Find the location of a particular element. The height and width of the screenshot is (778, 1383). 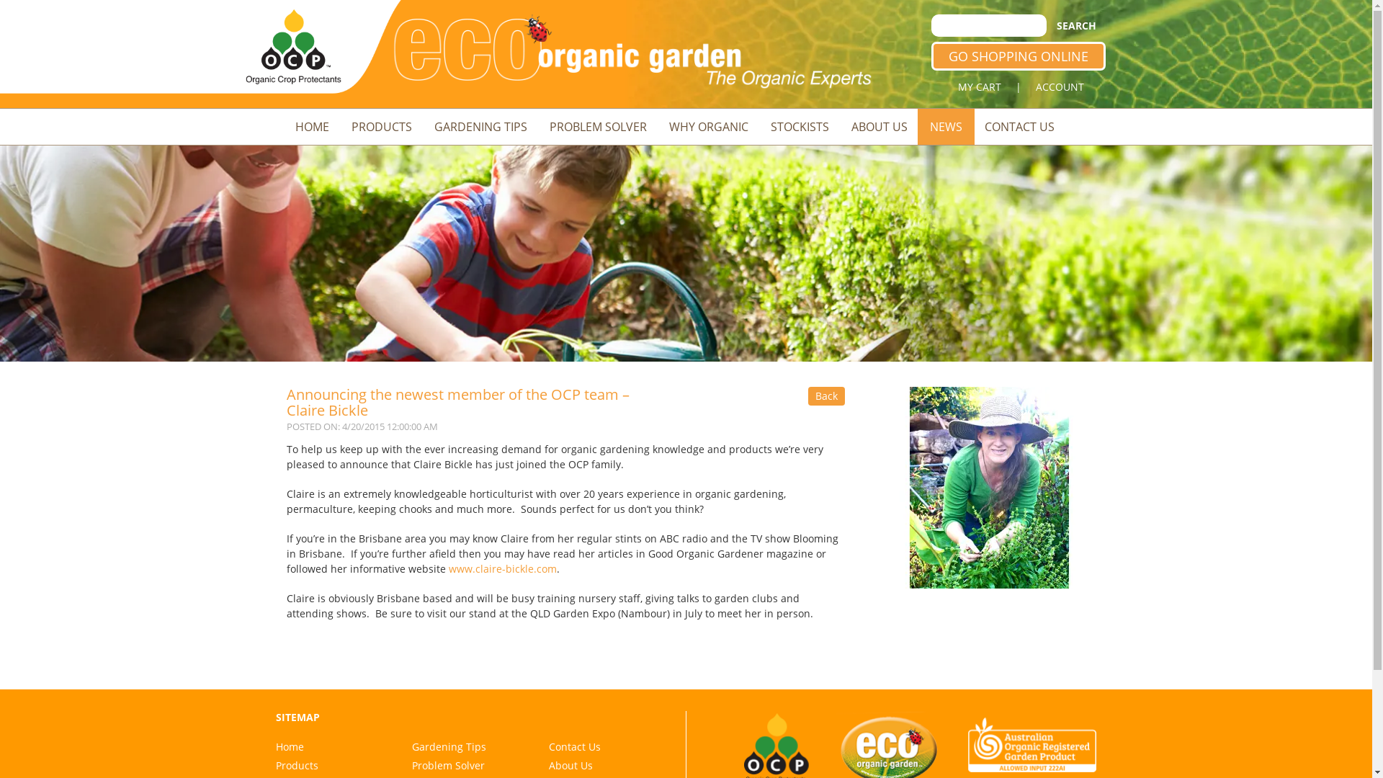

'ACCOUNT' is located at coordinates (1060, 86).